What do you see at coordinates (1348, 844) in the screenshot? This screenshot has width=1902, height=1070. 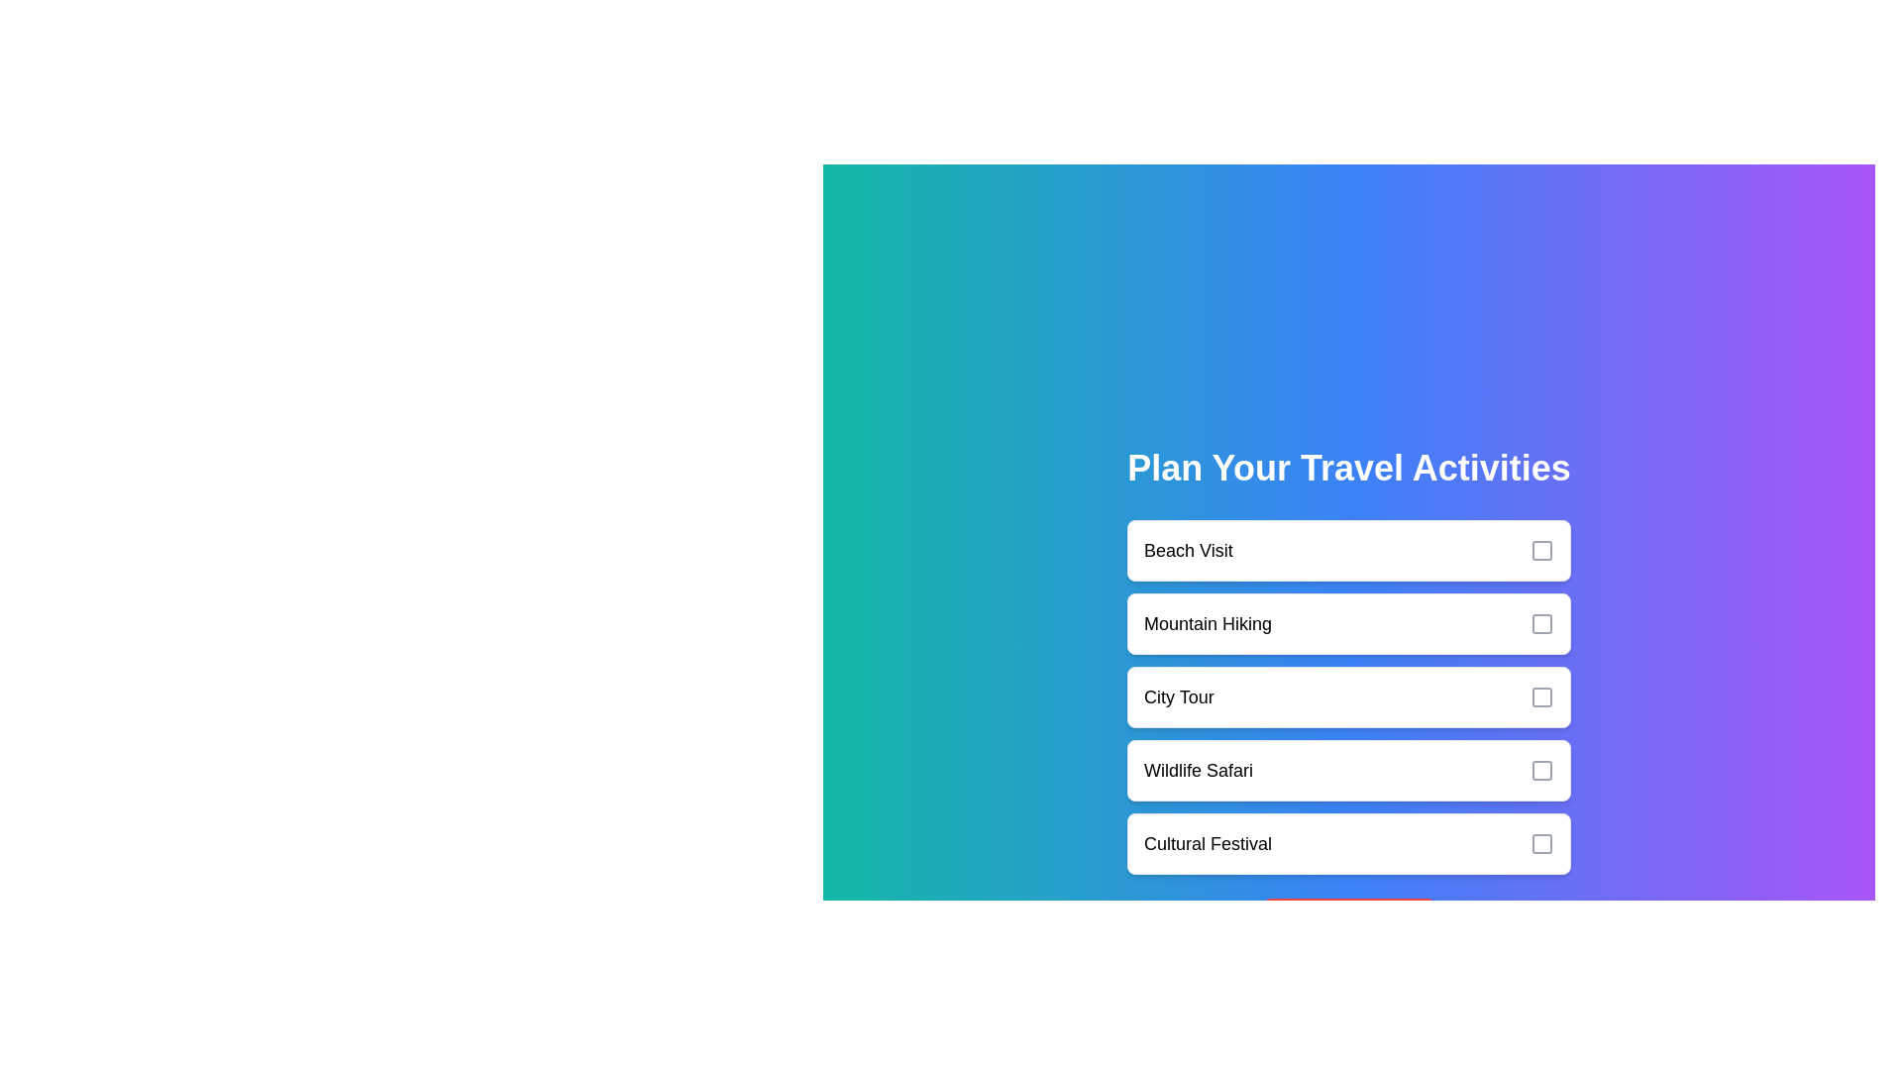 I see `the activity Cultural Festival to observe the hover effect` at bounding box center [1348, 844].